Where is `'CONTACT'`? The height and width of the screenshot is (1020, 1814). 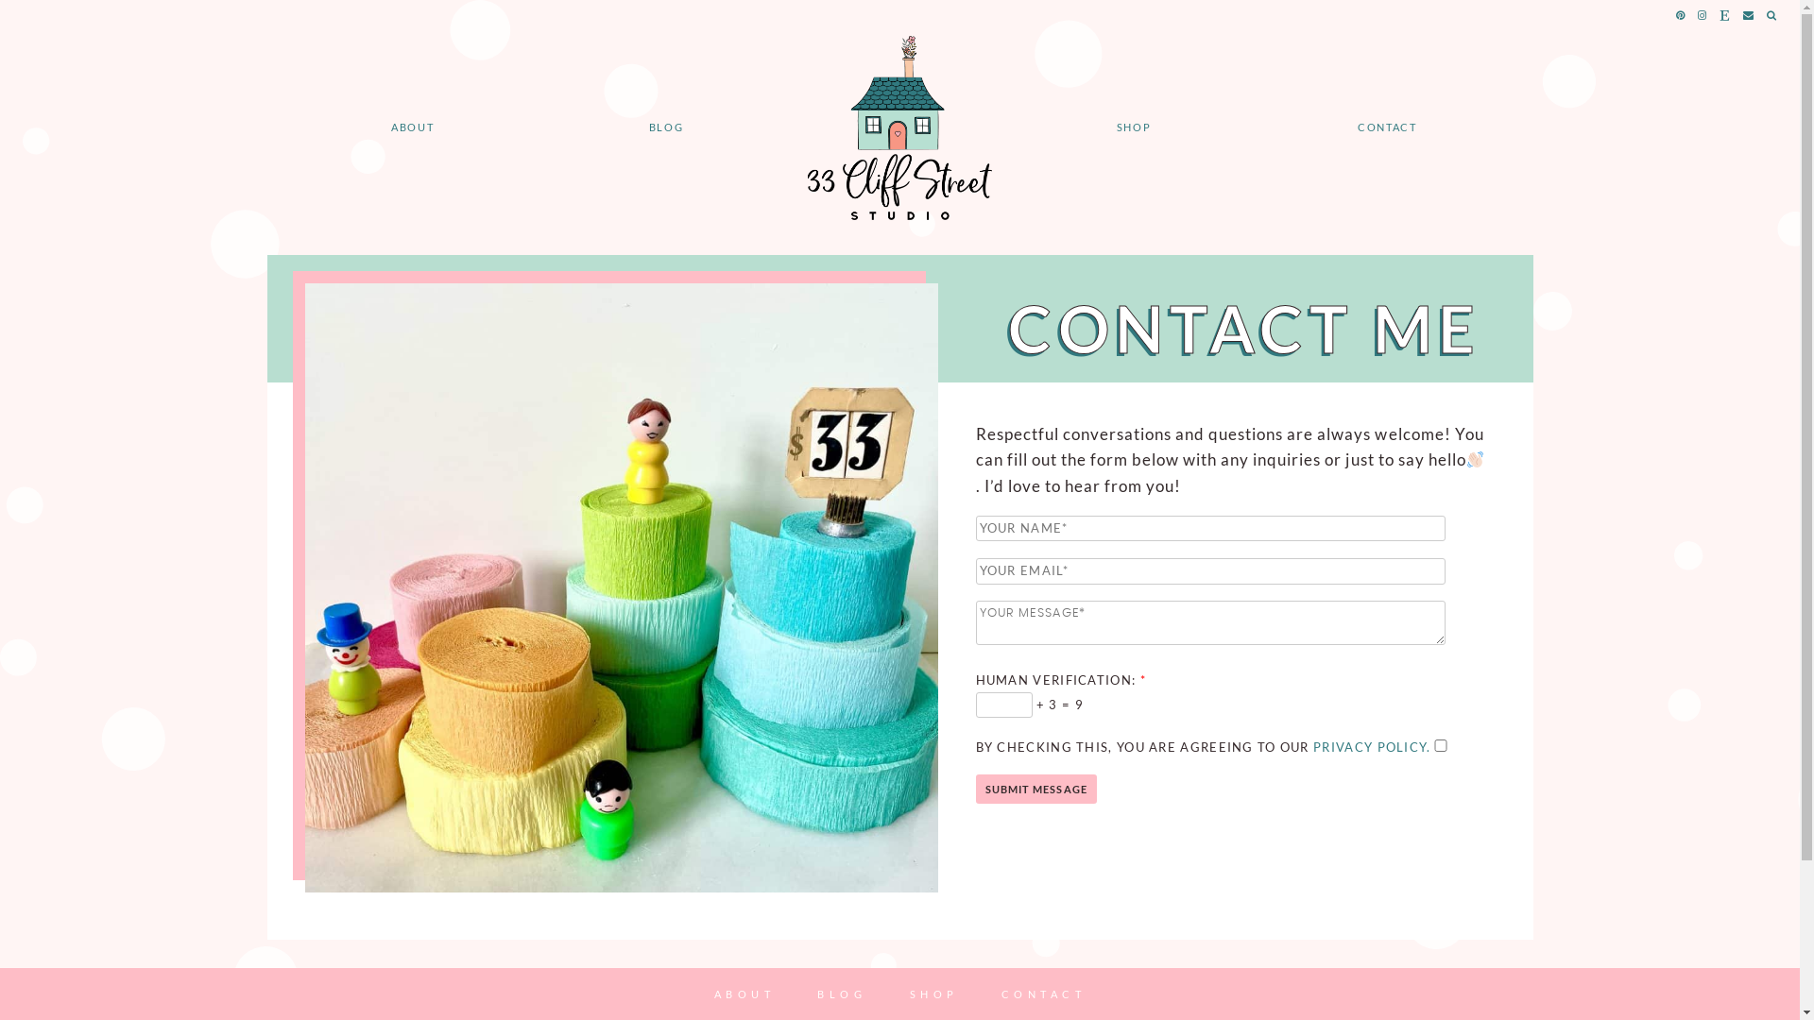
'CONTACT' is located at coordinates (1042, 993).